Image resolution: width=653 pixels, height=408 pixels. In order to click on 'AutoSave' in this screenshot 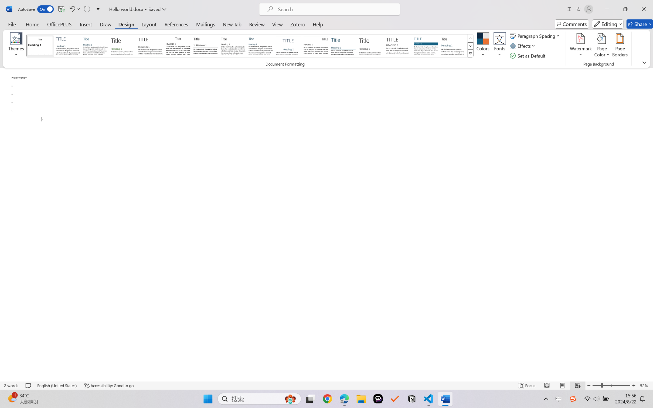, I will do `click(36, 9)`.